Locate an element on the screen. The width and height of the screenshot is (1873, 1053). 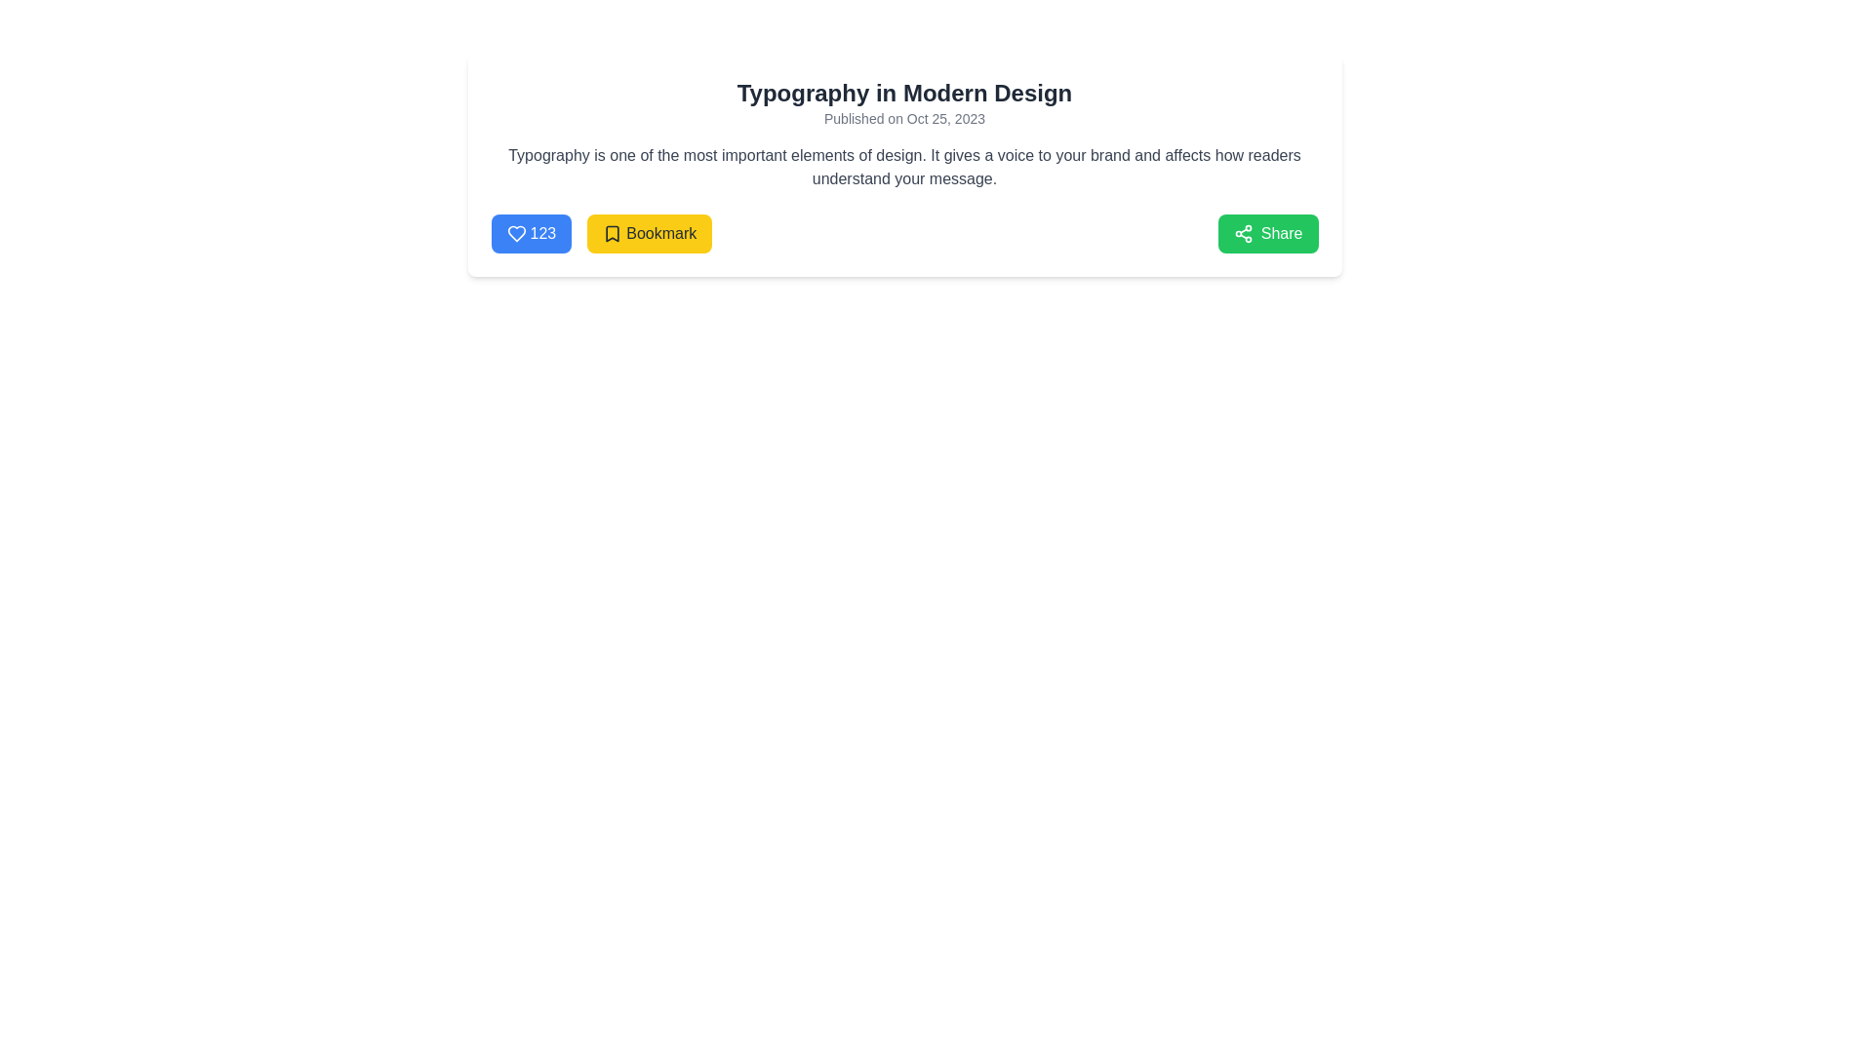
the yellow 'Bookmark' button with a bookmark icon to its left, located to the right of the blue '123' button, to bookmark the item is located at coordinates (600, 232).